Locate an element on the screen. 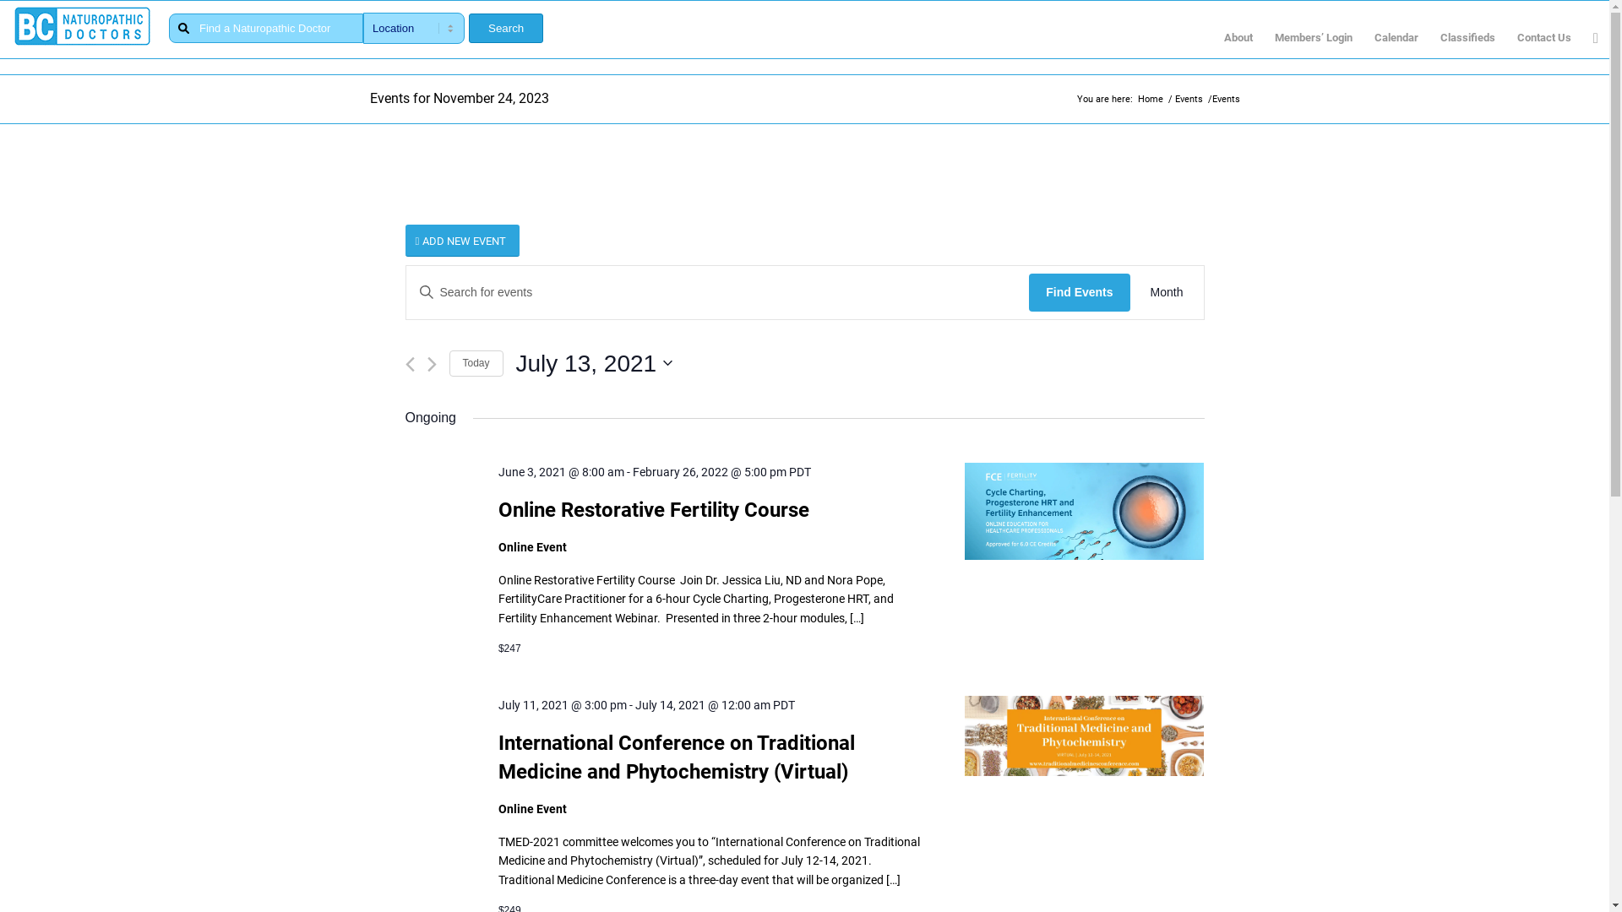 The image size is (1622, 912). 'Today' is located at coordinates (476, 362).